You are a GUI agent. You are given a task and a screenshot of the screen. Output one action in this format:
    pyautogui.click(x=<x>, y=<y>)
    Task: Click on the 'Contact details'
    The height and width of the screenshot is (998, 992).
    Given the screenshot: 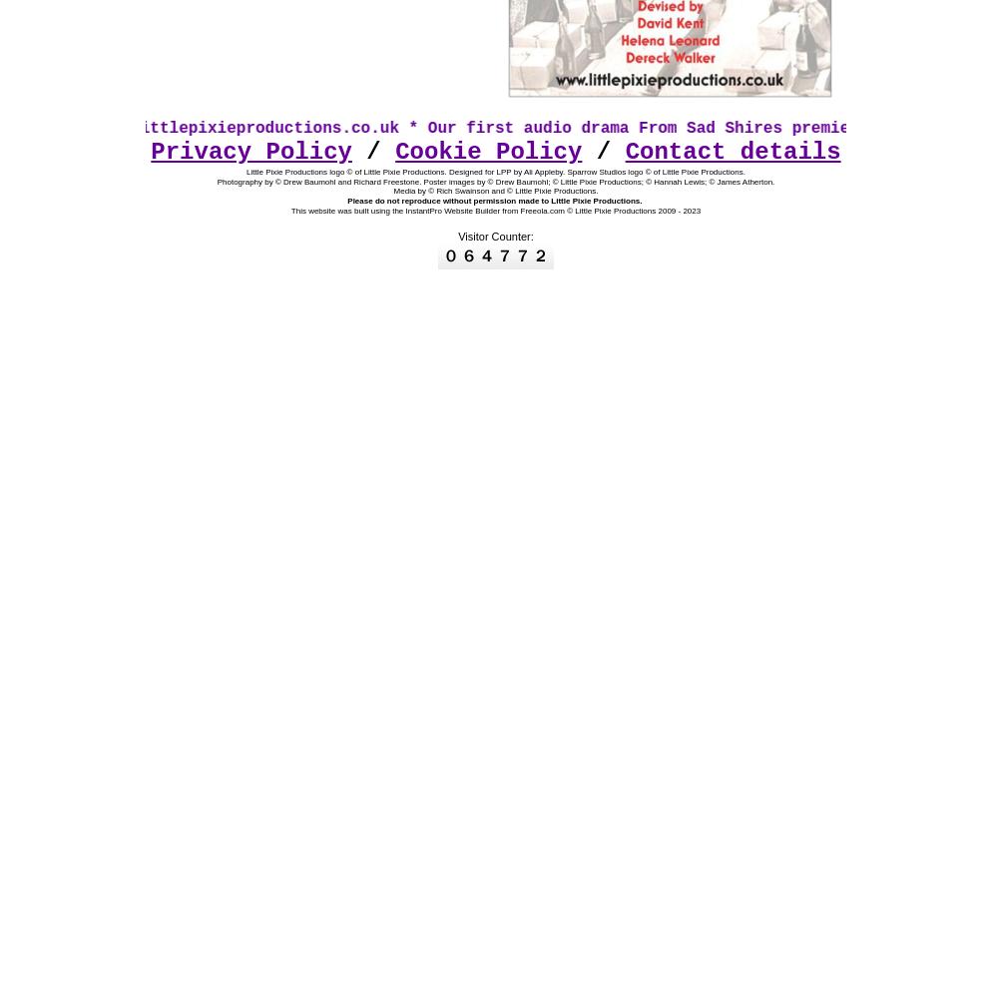 What is the action you would take?
    pyautogui.click(x=732, y=152)
    